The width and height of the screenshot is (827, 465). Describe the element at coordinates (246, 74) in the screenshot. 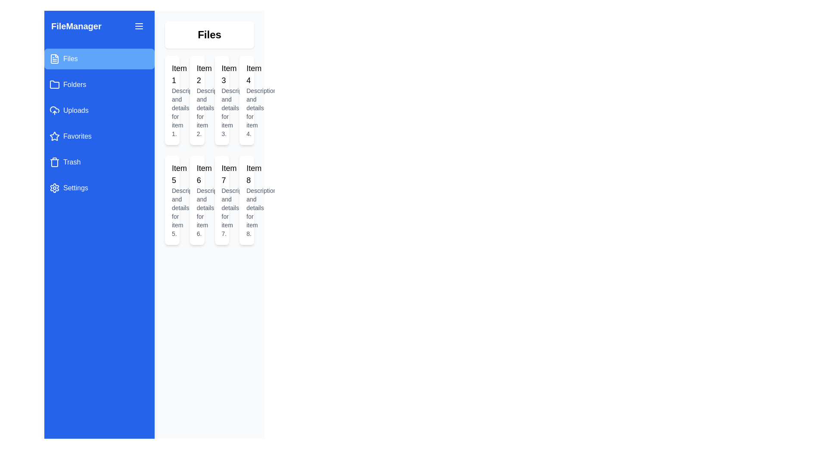

I see `text element labeled 'Item 4' located at the top of its card in the first row, fourth column of the grid layout` at that location.